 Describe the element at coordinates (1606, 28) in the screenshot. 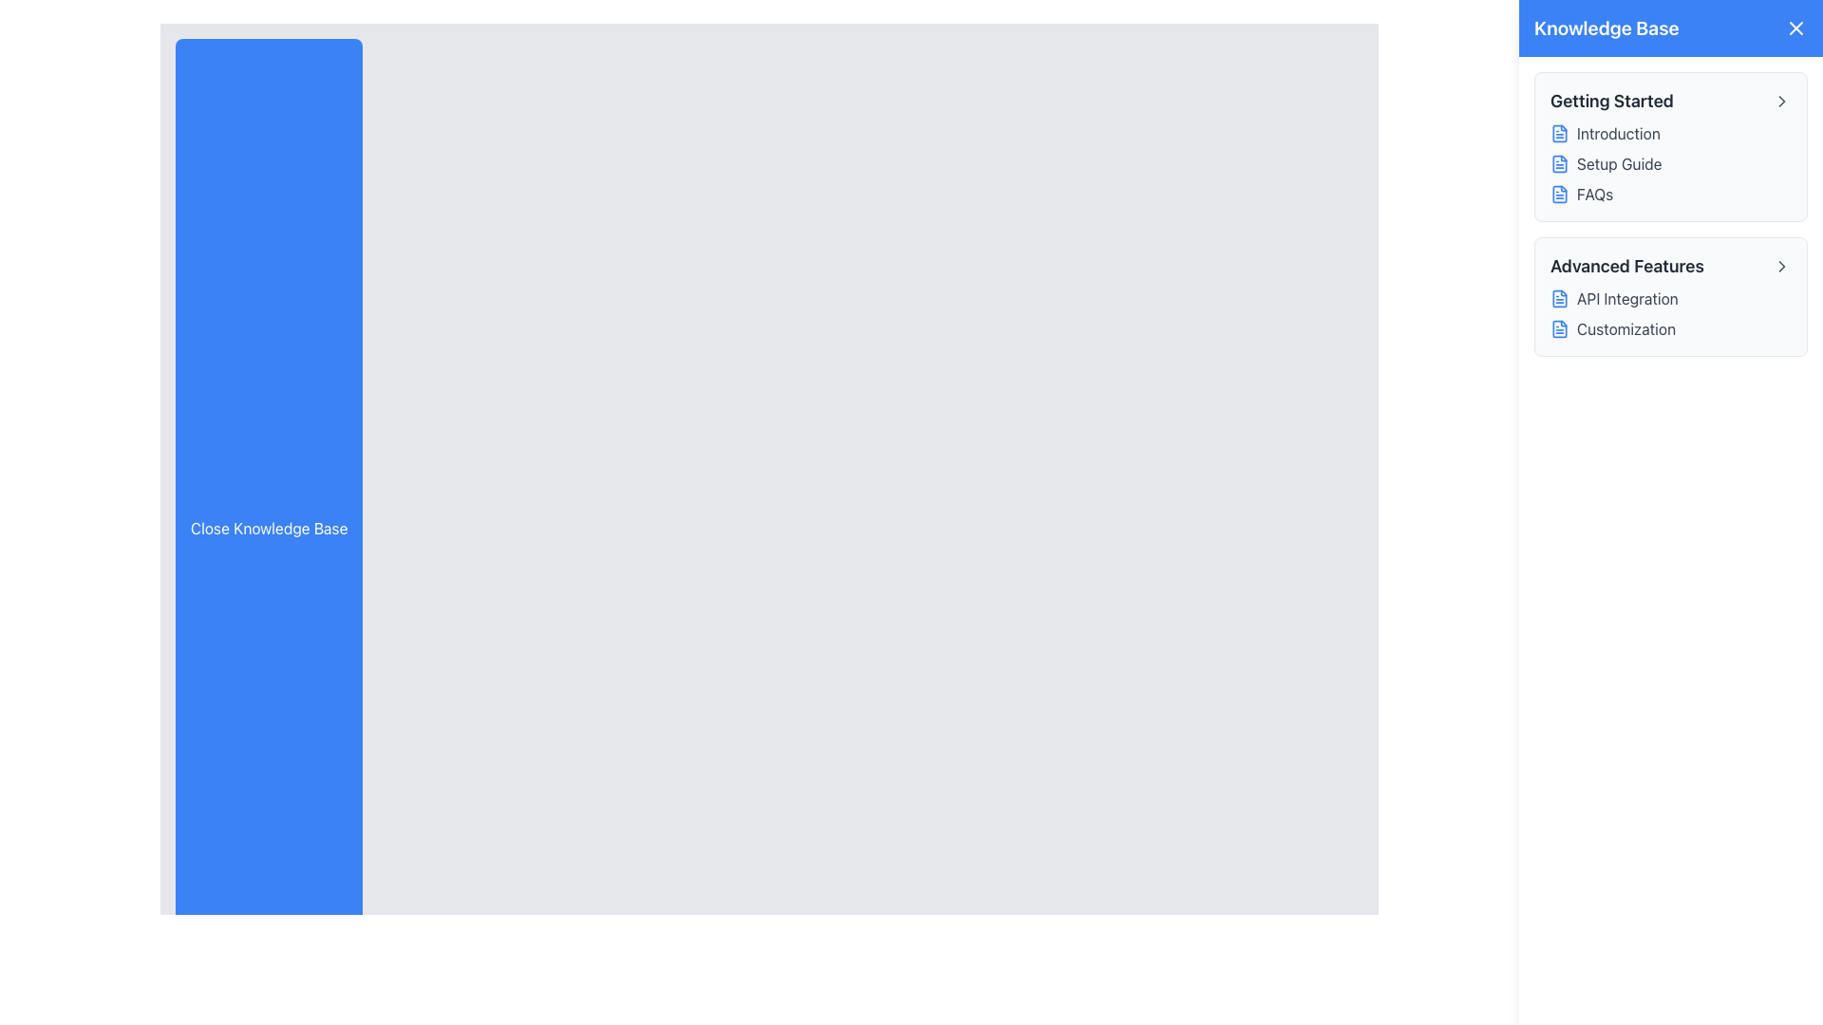

I see `the bold, large-sized static text reading 'Knowledge Base' located in the top-right corner of the blue header bar` at that location.